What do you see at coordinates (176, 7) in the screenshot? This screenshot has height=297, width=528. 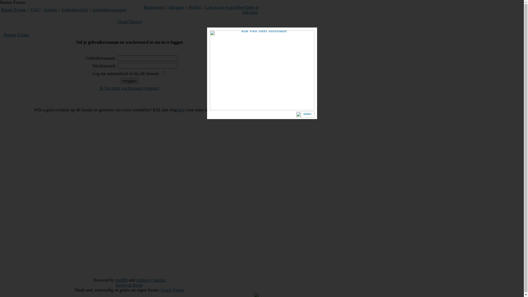 I see `'Inloggen'` at bounding box center [176, 7].